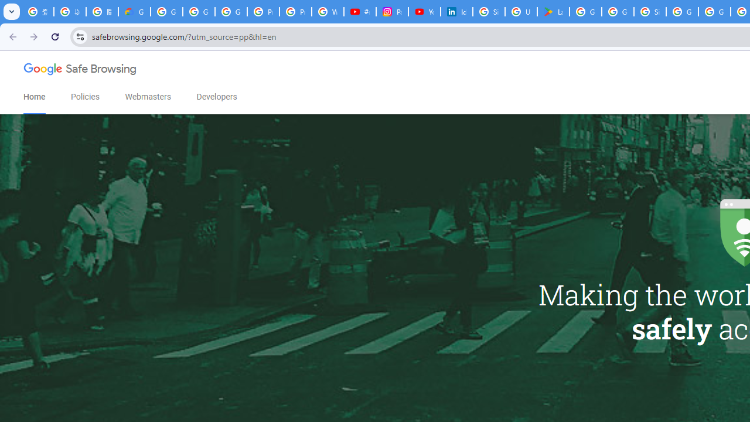 Image resolution: width=750 pixels, height=422 pixels. I want to click on 'Home', so click(34, 96).